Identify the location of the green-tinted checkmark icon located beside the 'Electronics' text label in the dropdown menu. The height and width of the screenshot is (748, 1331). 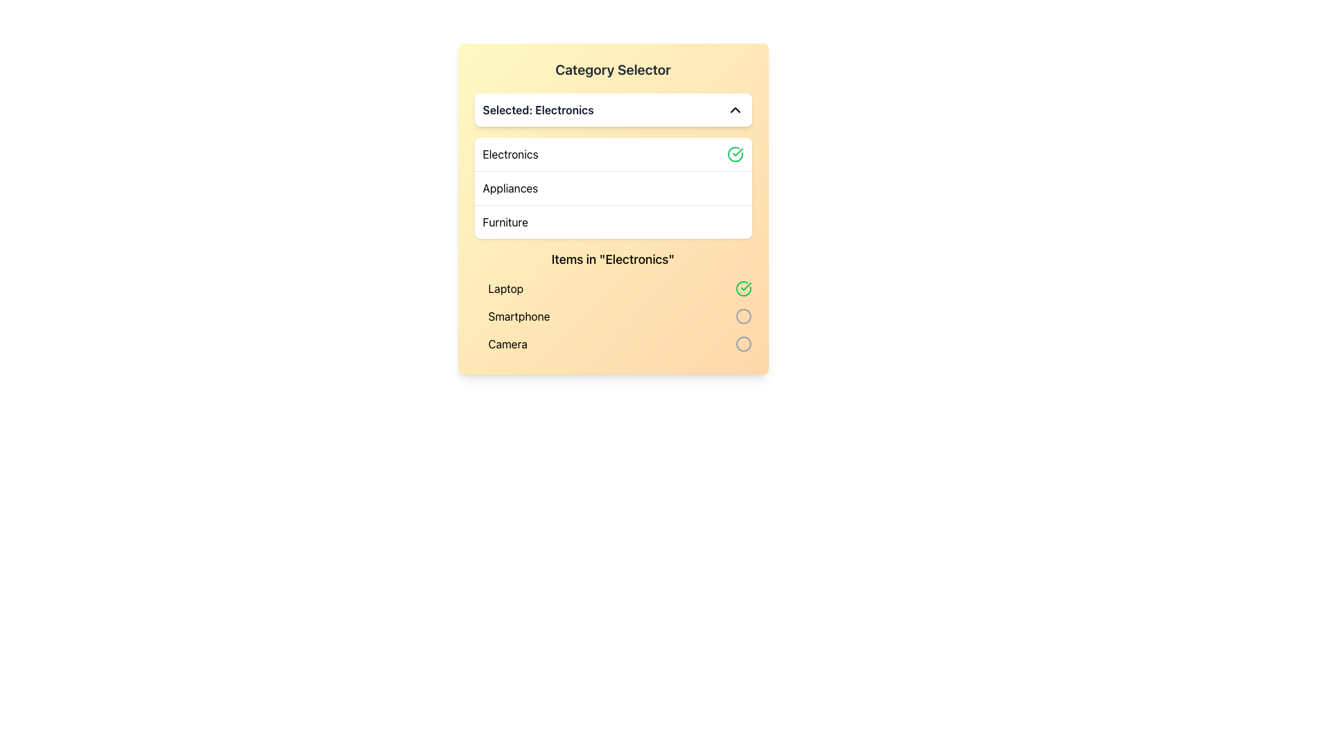
(737, 152).